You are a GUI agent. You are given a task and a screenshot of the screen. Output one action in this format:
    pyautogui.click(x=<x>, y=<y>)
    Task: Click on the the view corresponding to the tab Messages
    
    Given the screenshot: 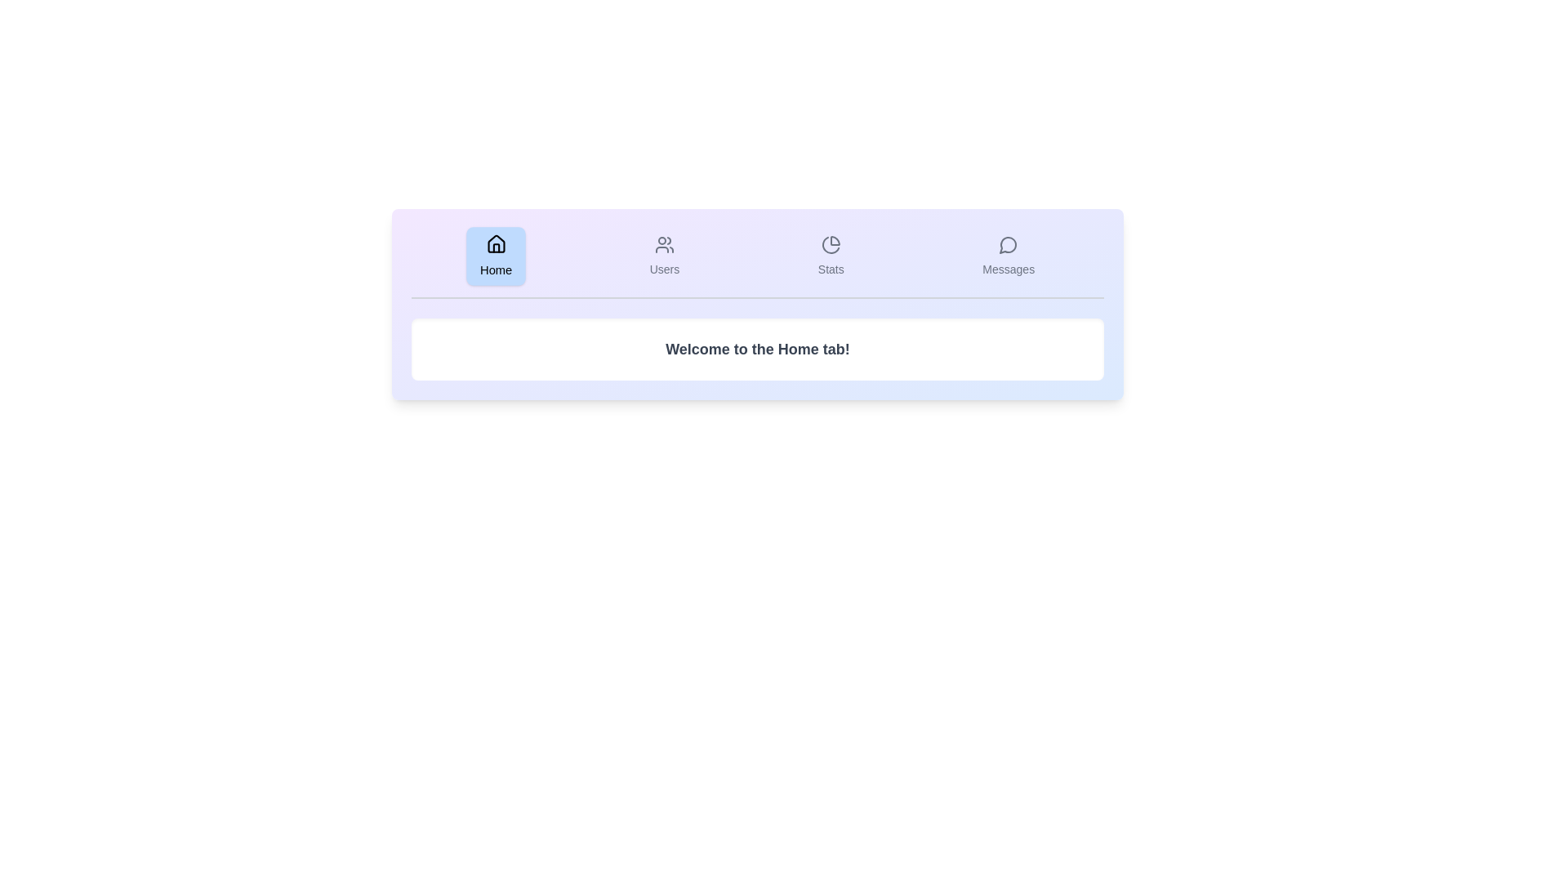 What is the action you would take?
    pyautogui.click(x=1007, y=256)
    